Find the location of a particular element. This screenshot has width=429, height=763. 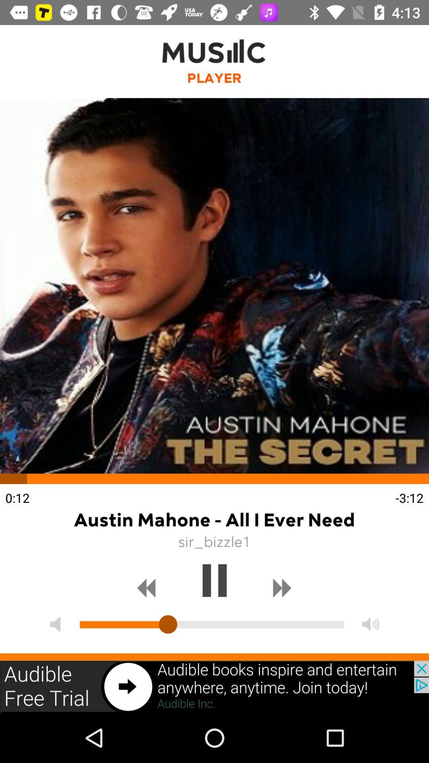

the option is located at coordinates (214, 686).